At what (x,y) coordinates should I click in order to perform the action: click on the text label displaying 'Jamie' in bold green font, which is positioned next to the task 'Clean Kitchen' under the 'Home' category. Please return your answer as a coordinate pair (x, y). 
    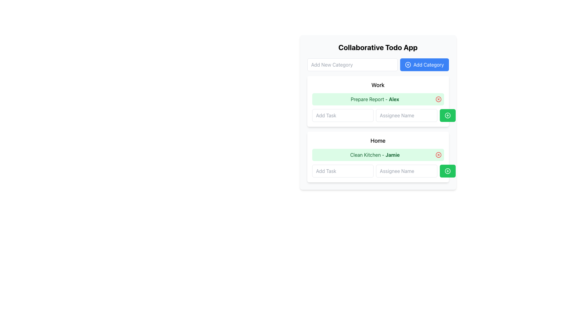
    Looking at the image, I should click on (392, 154).